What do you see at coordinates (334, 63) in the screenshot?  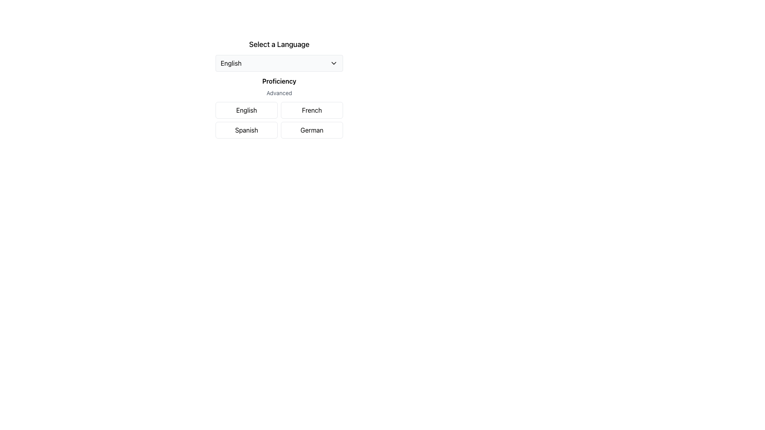 I see `the Chevron Icon located at the far-right end of the 'English' dropdown button` at bounding box center [334, 63].